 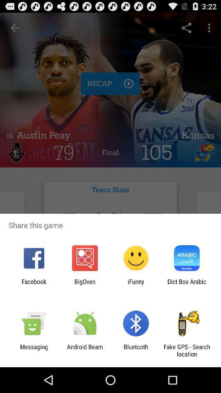 What do you see at coordinates (34, 350) in the screenshot?
I see `the messaging` at bounding box center [34, 350].